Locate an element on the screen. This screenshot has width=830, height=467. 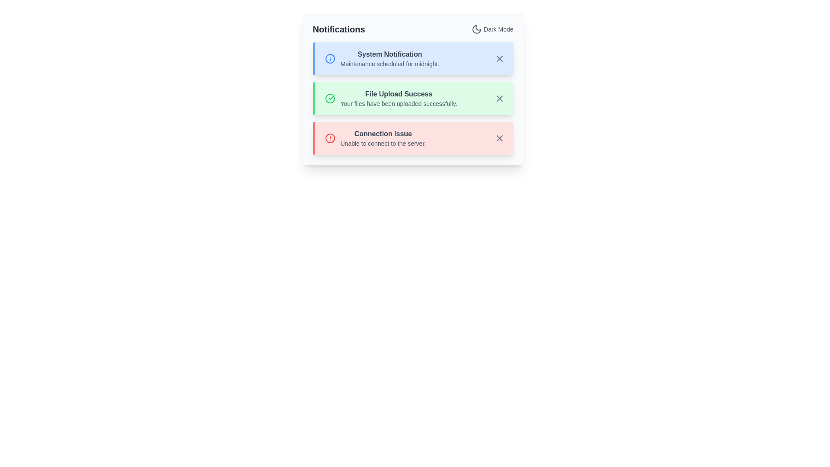
the minimalist close button shaped like an 'X' located in the 'File Upload Success' notification is located at coordinates (499, 98).